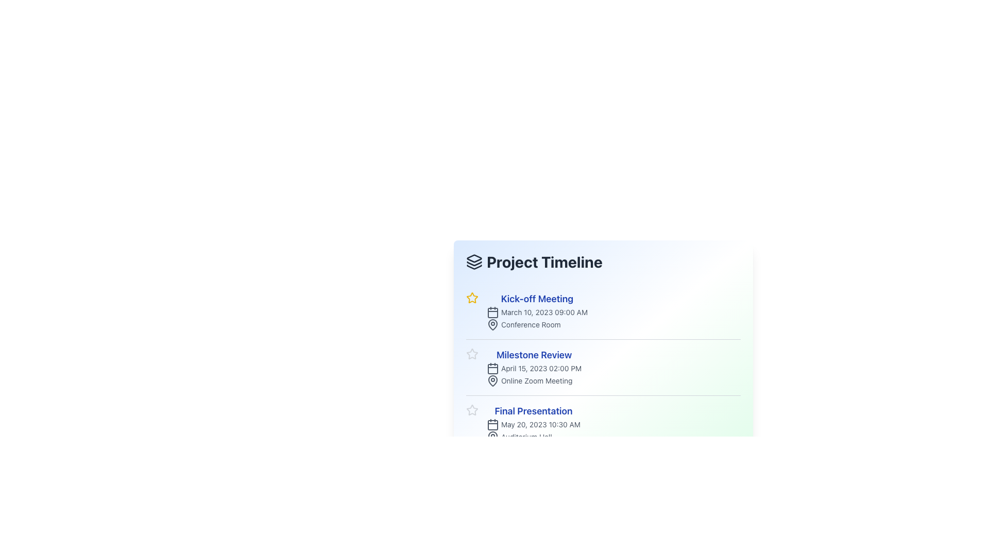 The image size is (989, 556). What do you see at coordinates (492, 437) in the screenshot?
I see `the map pin icon indicating the location for the 'Final Presentation' event` at bounding box center [492, 437].